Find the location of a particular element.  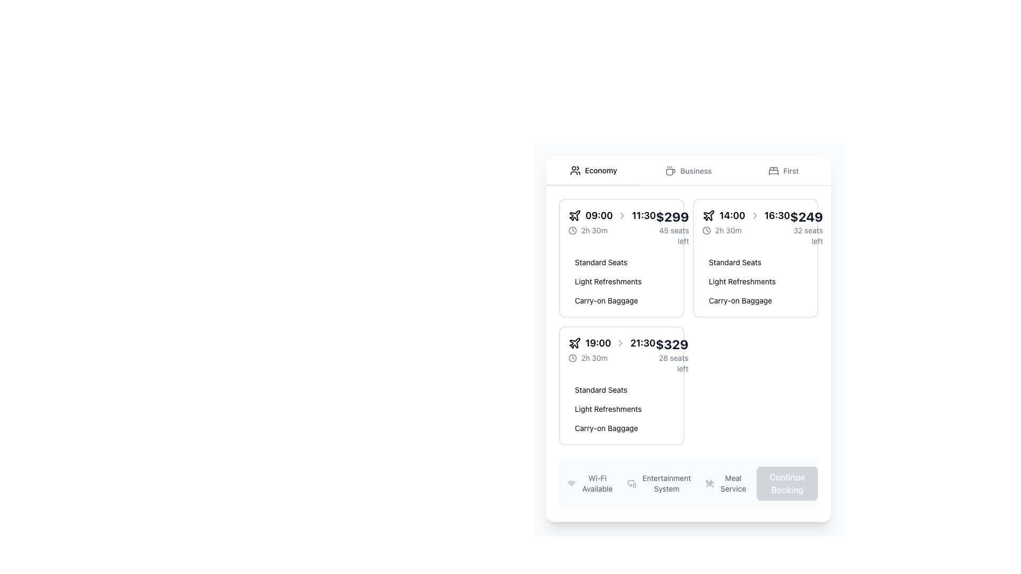

the feature list displaying 'Standard Seats', 'Light Refreshments', and 'Carry-on Baggage', which is styled with a light blue background and rounded corners, located below the flight price and time is located at coordinates (622, 409).